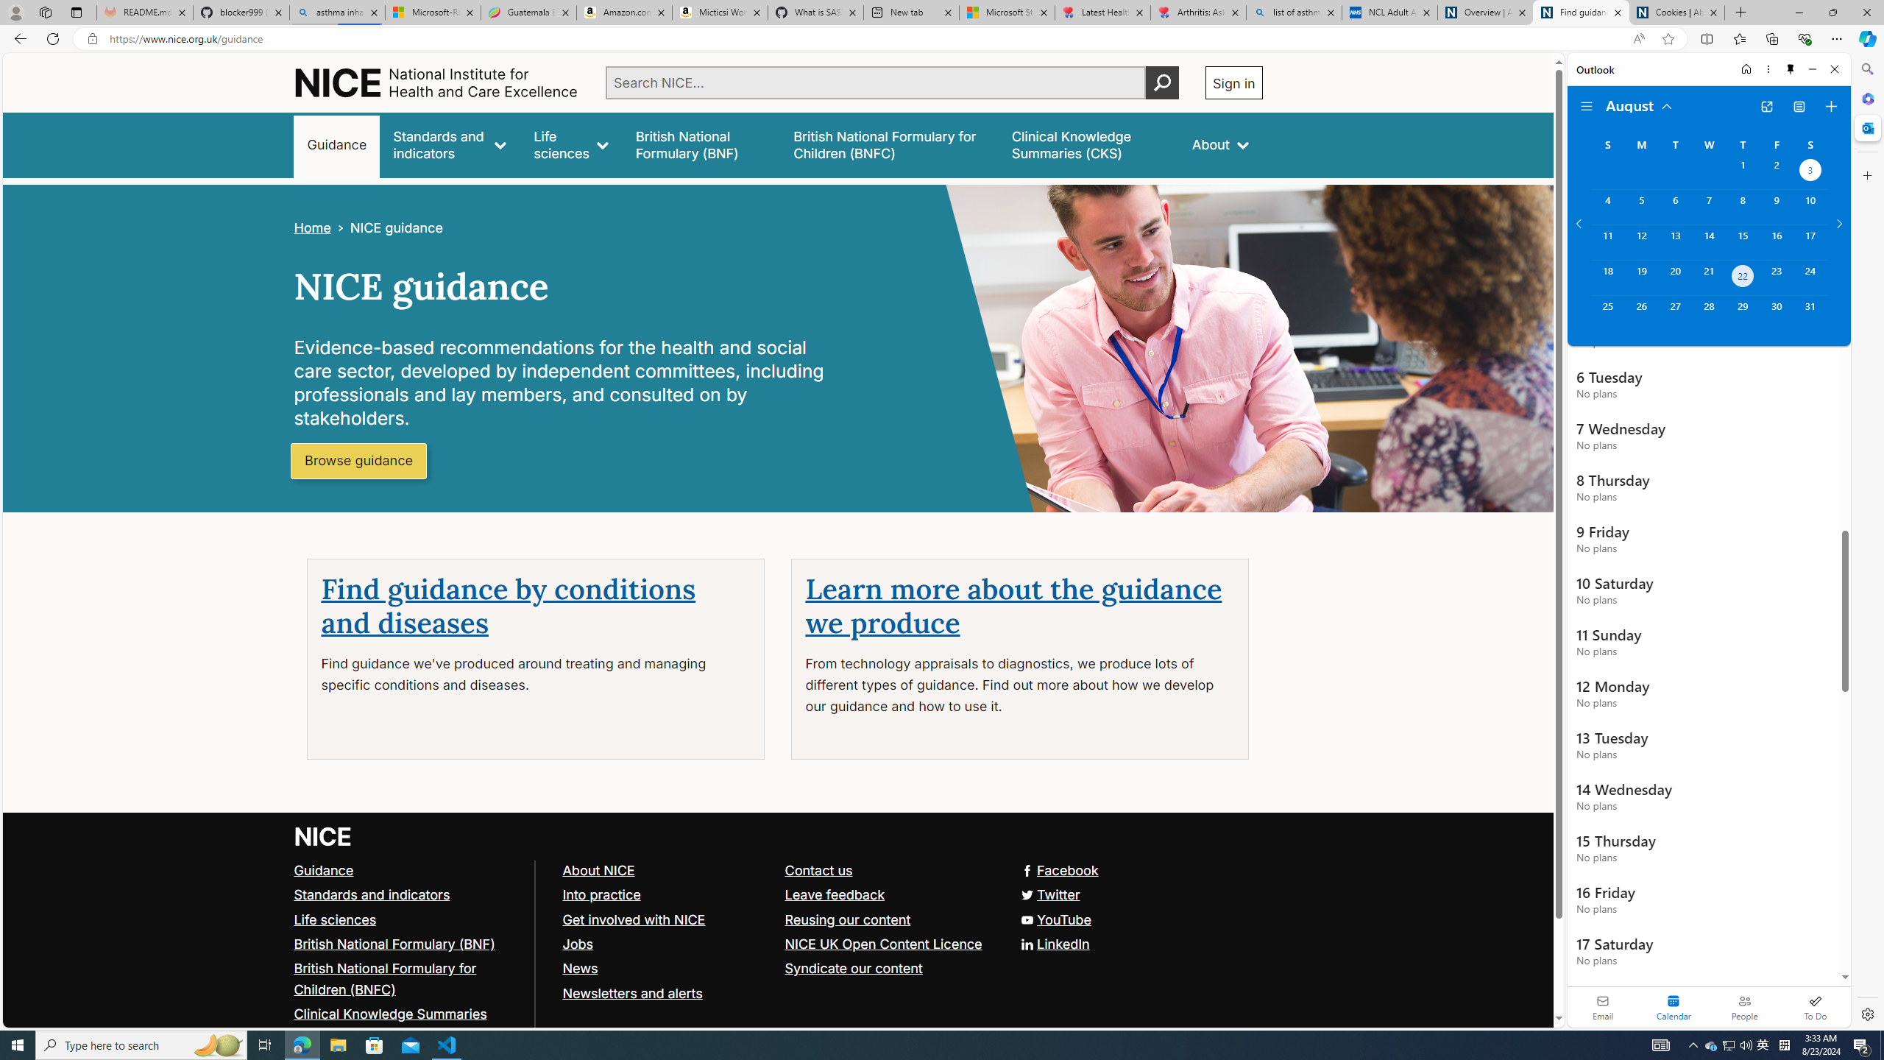 Image resolution: width=1884 pixels, height=1060 pixels. What do you see at coordinates (1293, 12) in the screenshot?
I see `'list of asthma inhalers uk - Search'` at bounding box center [1293, 12].